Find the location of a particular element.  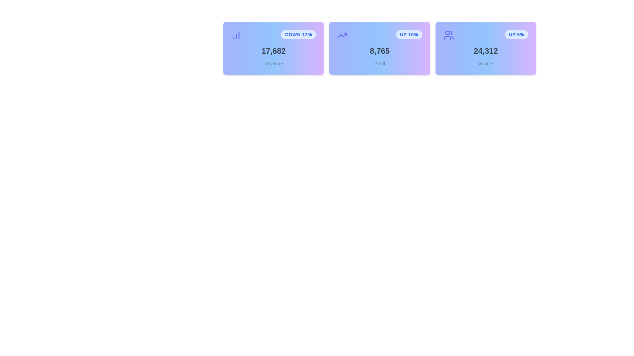

the positive trend icon located in the top section of the 'Profit' card, positioned to the left of the 'UP 15%' label is located at coordinates (342, 35).